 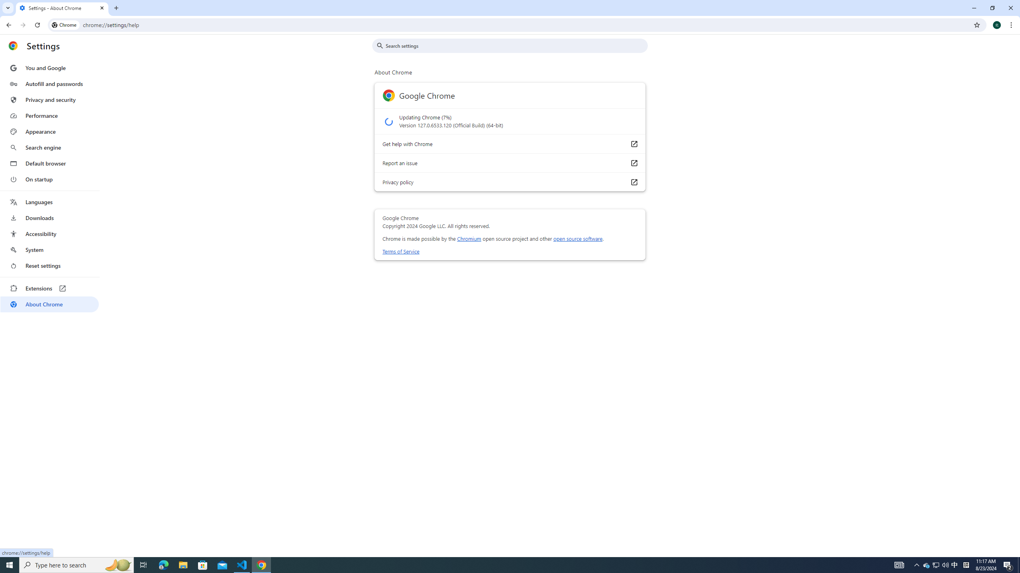 What do you see at coordinates (49, 233) in the screenshot?
I see `'Accessibility'` at bounding box center [49, 233].